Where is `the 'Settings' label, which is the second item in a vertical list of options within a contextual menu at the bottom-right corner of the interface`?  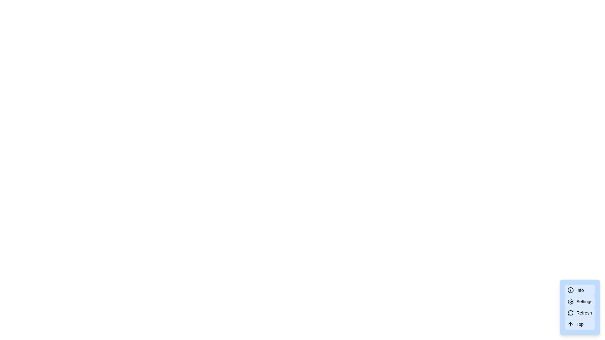 the 'Settings' label, which is the second item in a vertical list of options within a contextual menu at the bottom-right corner of the interface is located at coordinates (584, 301).